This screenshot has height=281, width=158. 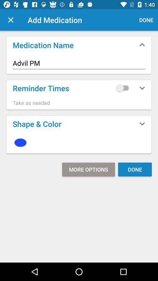 I want to click on item below   icon, so click(x=88, y=169).